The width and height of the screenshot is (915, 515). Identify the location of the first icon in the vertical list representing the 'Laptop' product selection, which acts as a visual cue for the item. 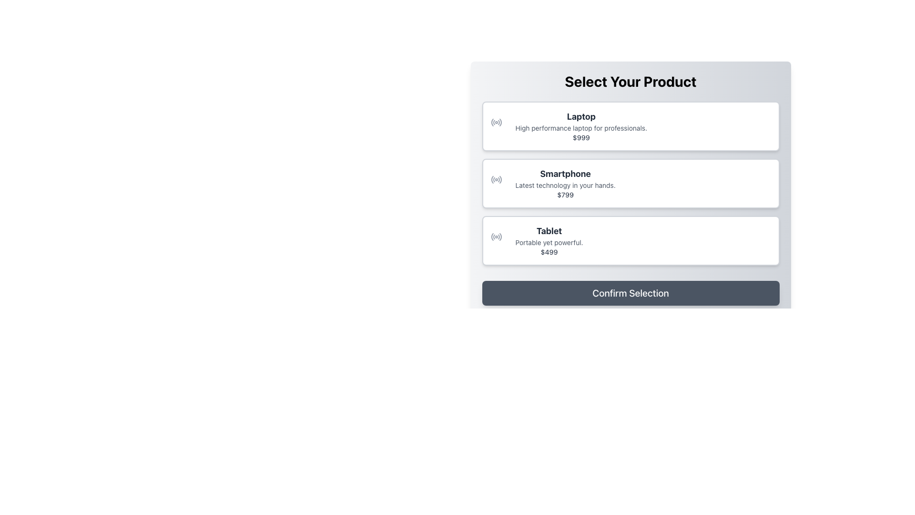
(496, 122).